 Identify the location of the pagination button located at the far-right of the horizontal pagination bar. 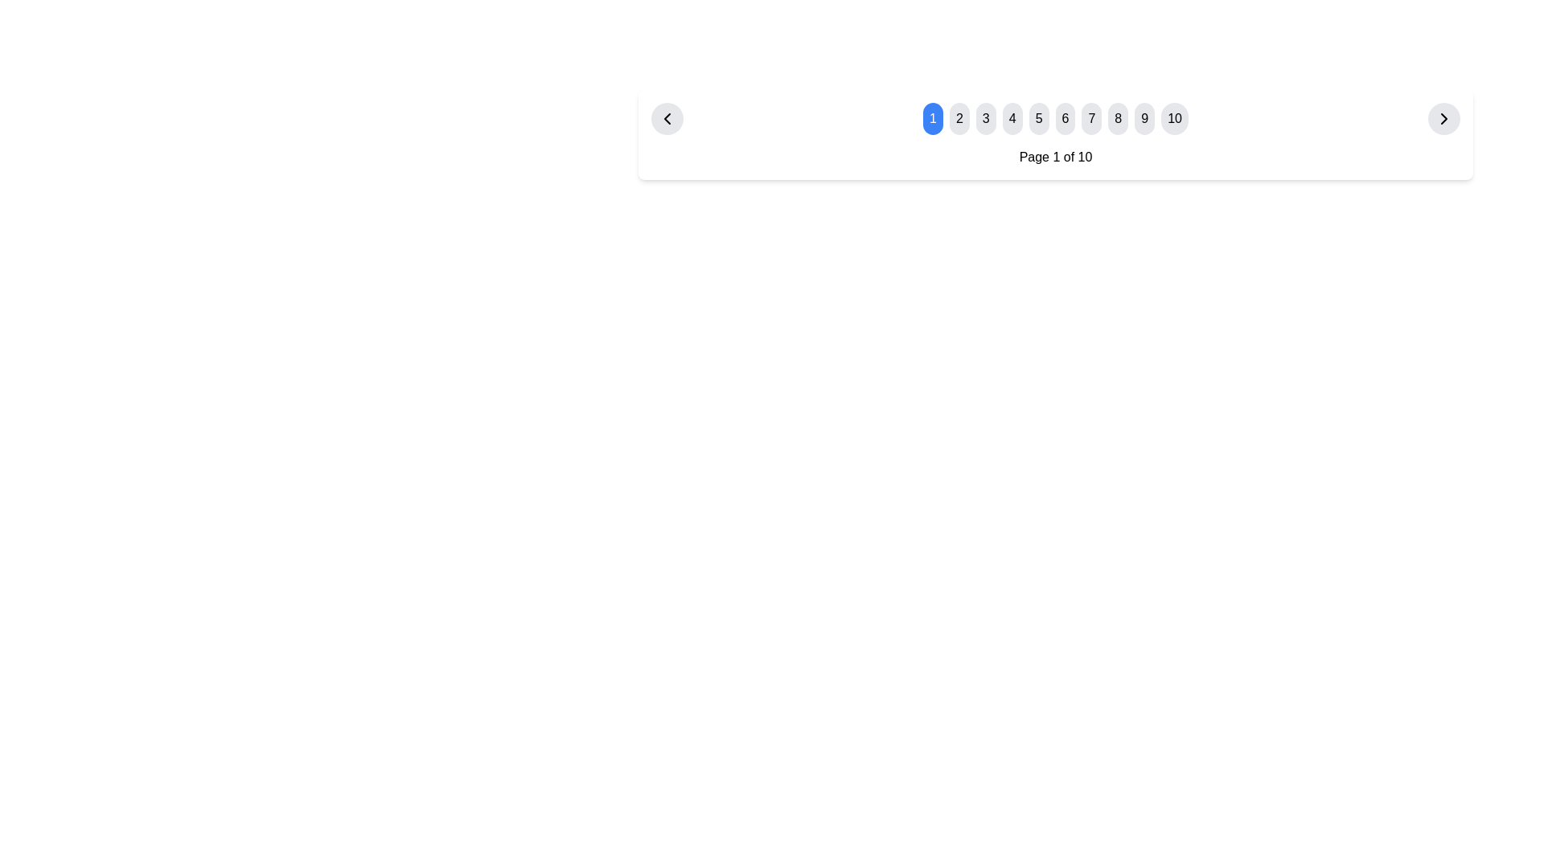
(1443, 117).